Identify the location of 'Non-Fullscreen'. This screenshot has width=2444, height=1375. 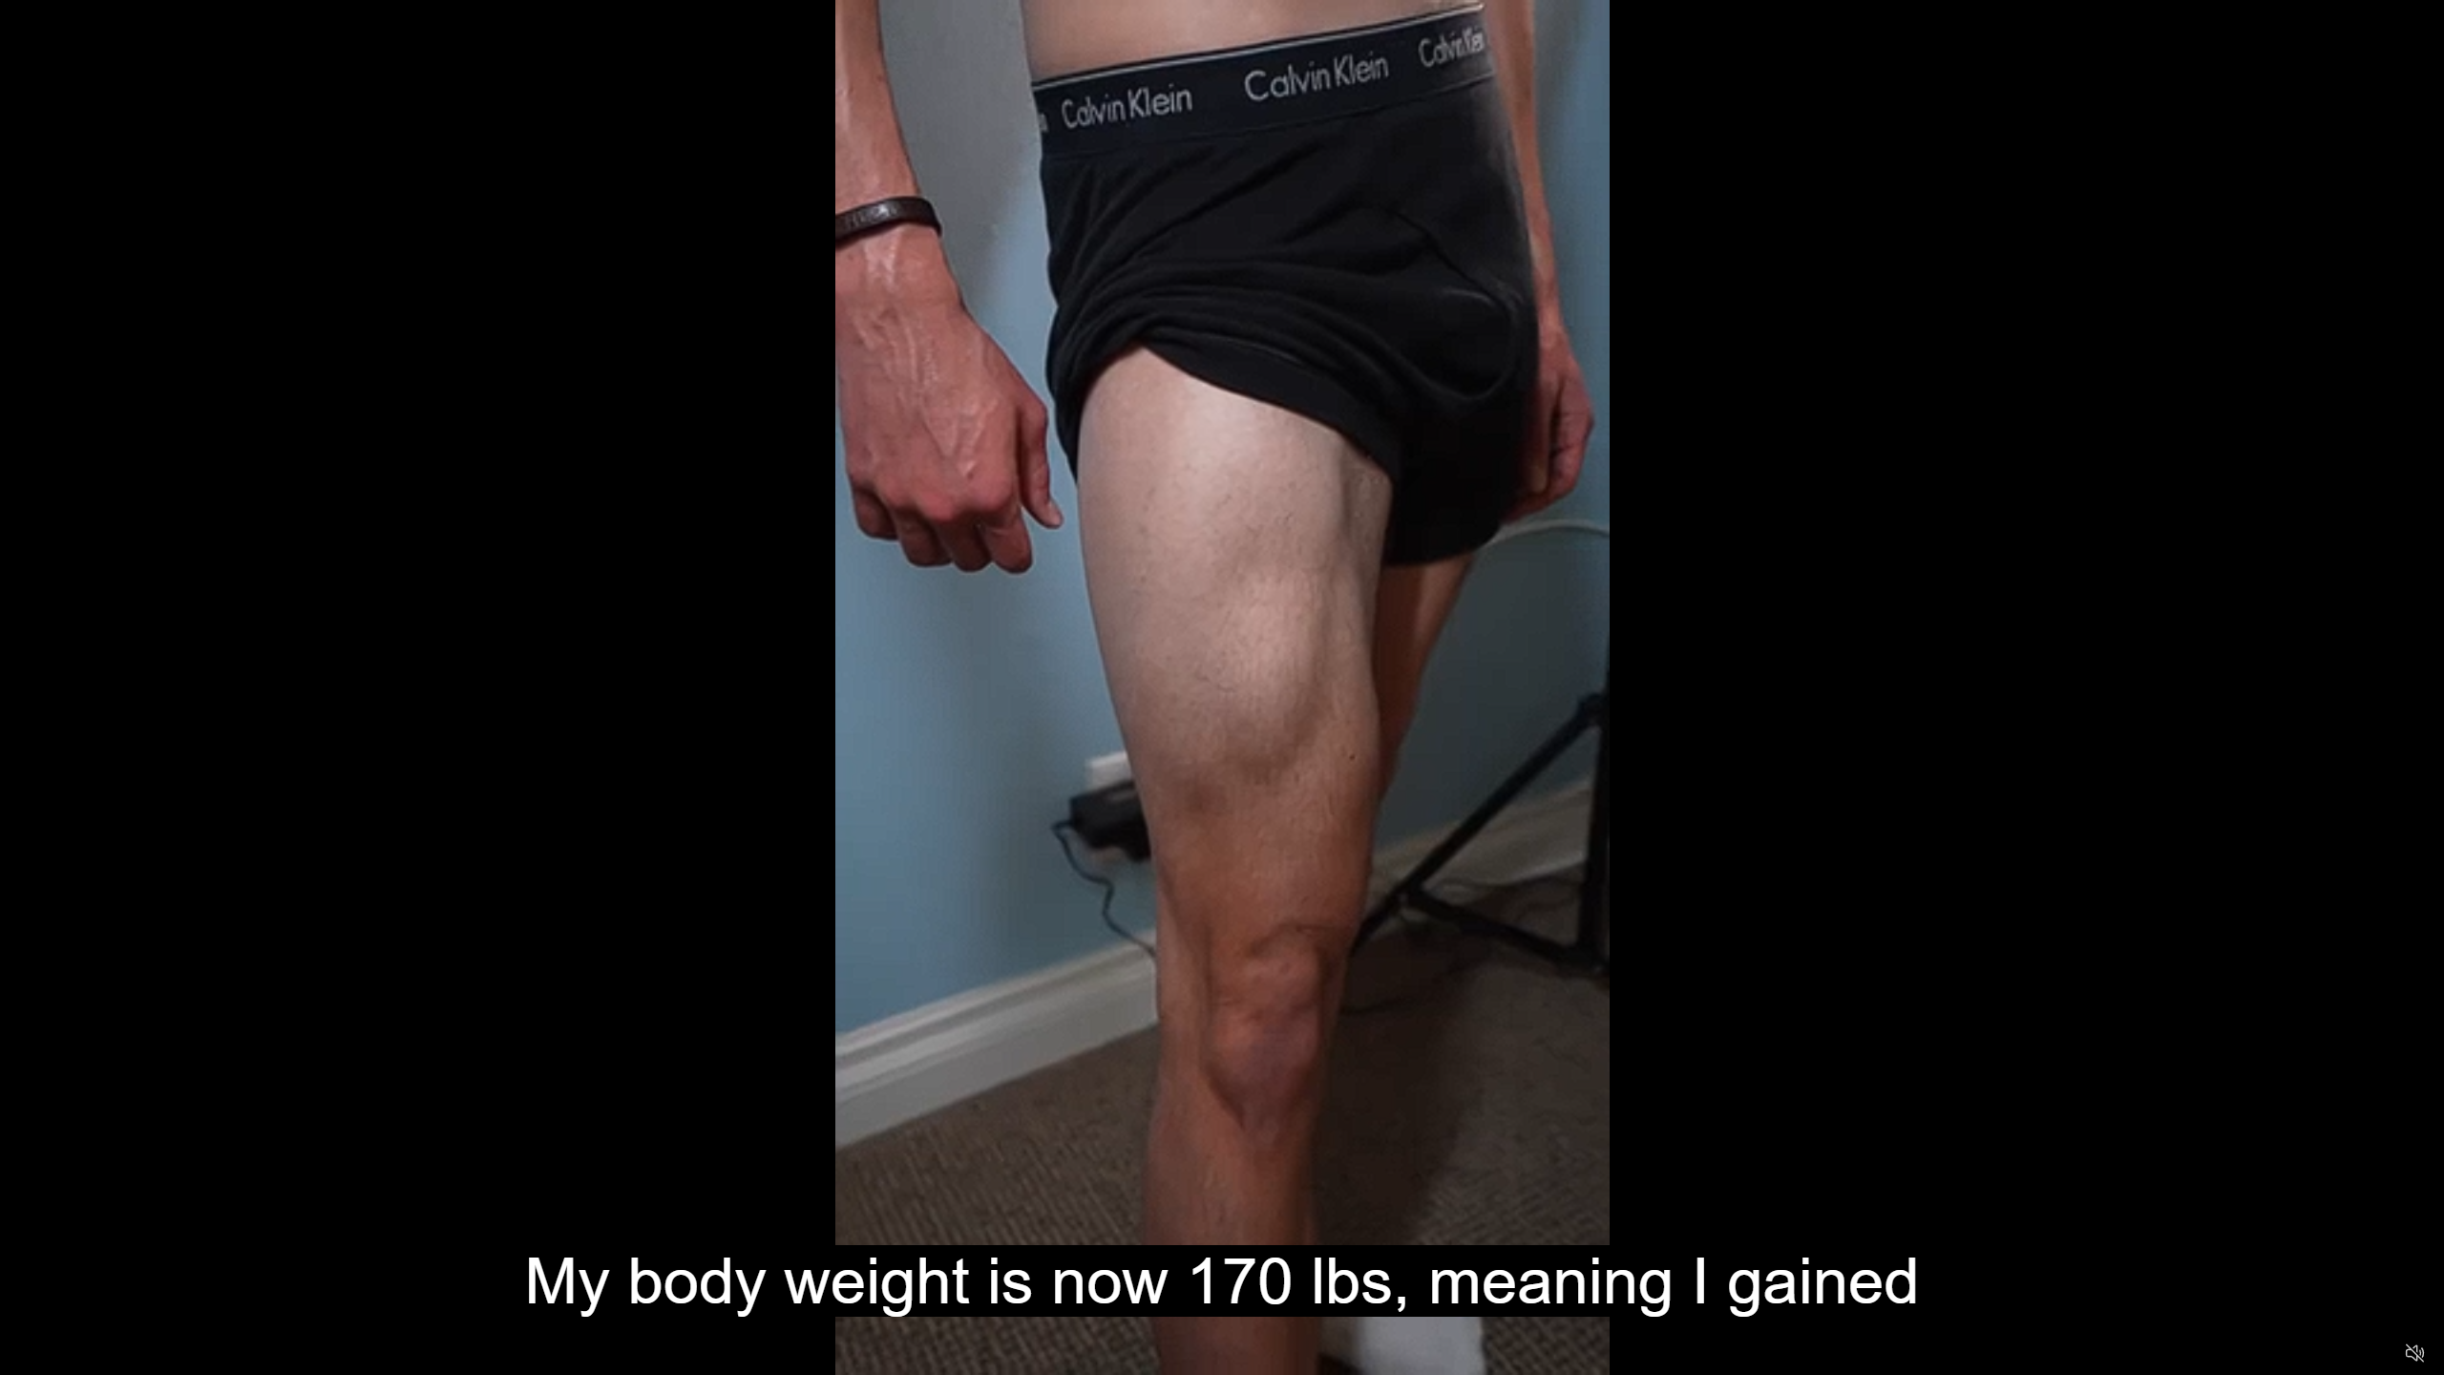
(2378, 1353).